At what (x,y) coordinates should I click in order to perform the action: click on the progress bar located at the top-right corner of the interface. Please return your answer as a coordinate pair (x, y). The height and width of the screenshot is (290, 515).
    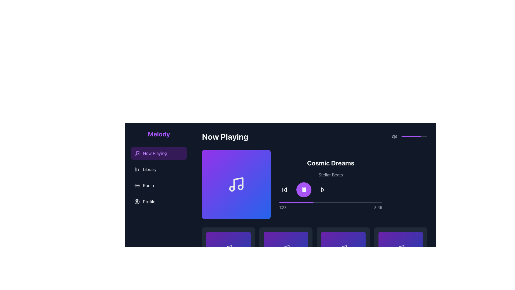
    Looking at the image, I should click on (414, 136).